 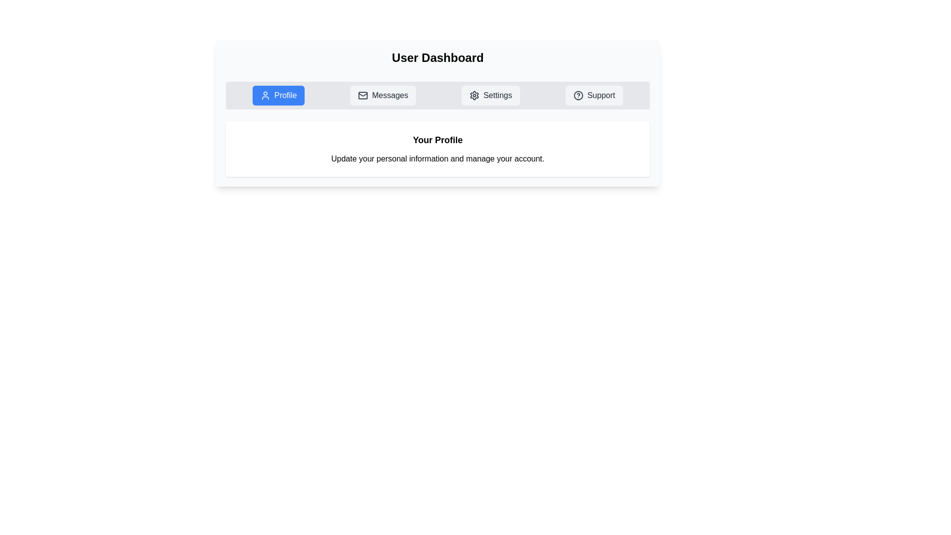 What do you see at coordinates (389, 95) in the screenshot?
I see `the 'Messages' text label within the navigation bar, which is located to the right of the 'Profile' option and includes a mail icon` at bounding box center [389, 95].